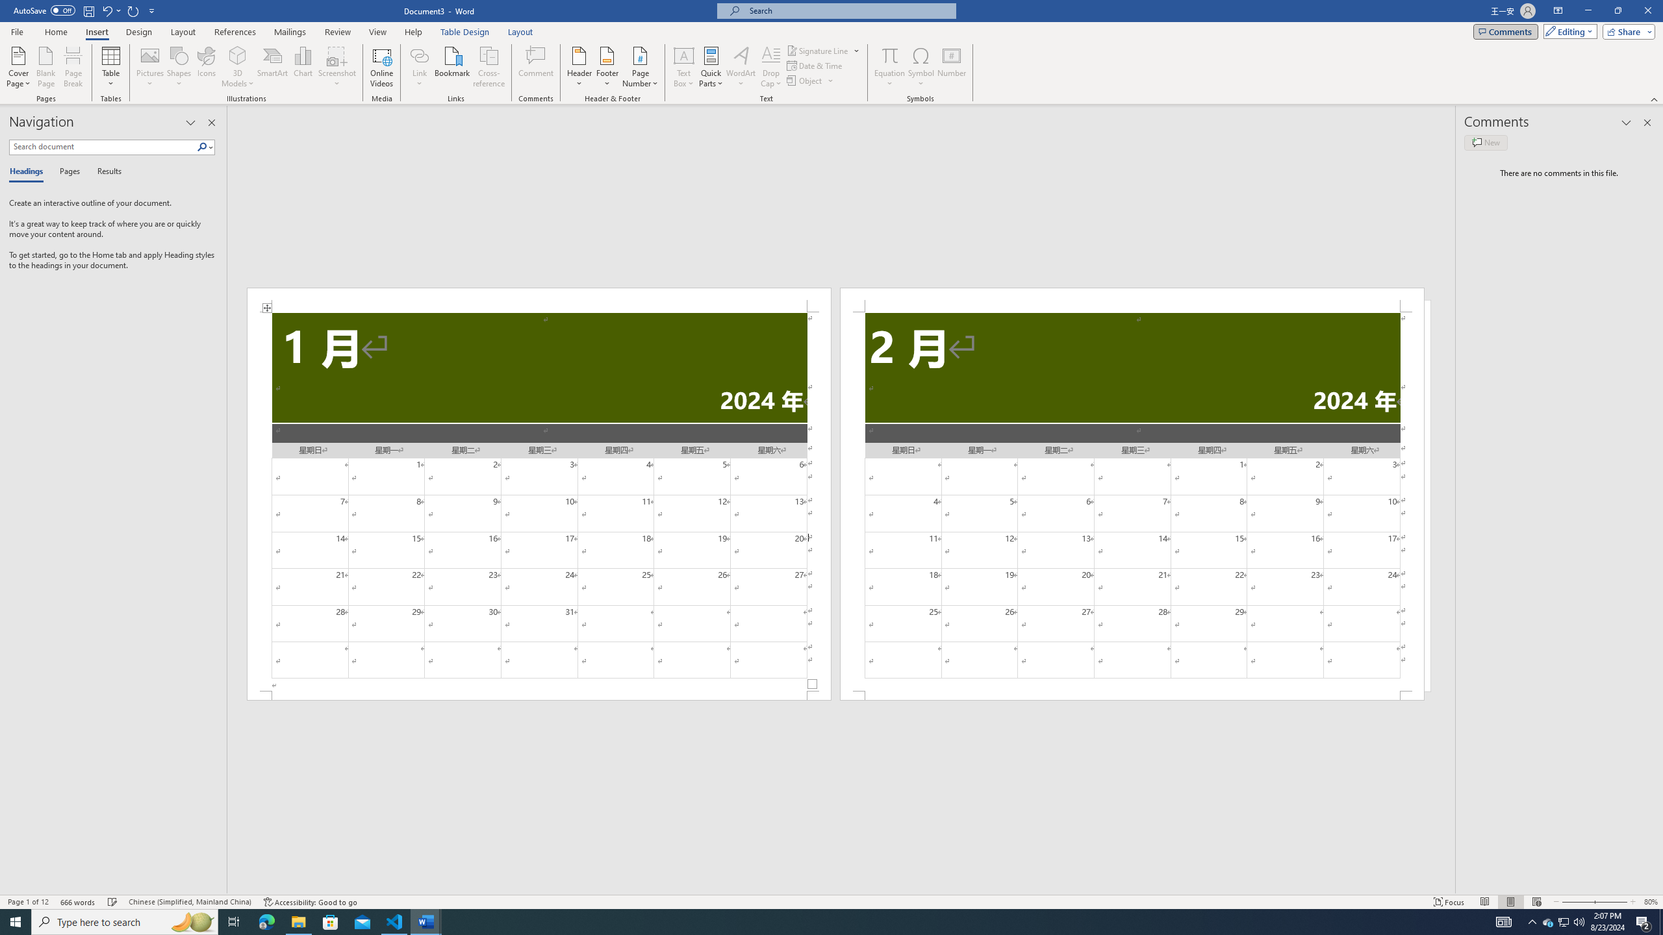 This screenshot has width=1663, height=935. I want to click on 'Share', so click(1625, 31).